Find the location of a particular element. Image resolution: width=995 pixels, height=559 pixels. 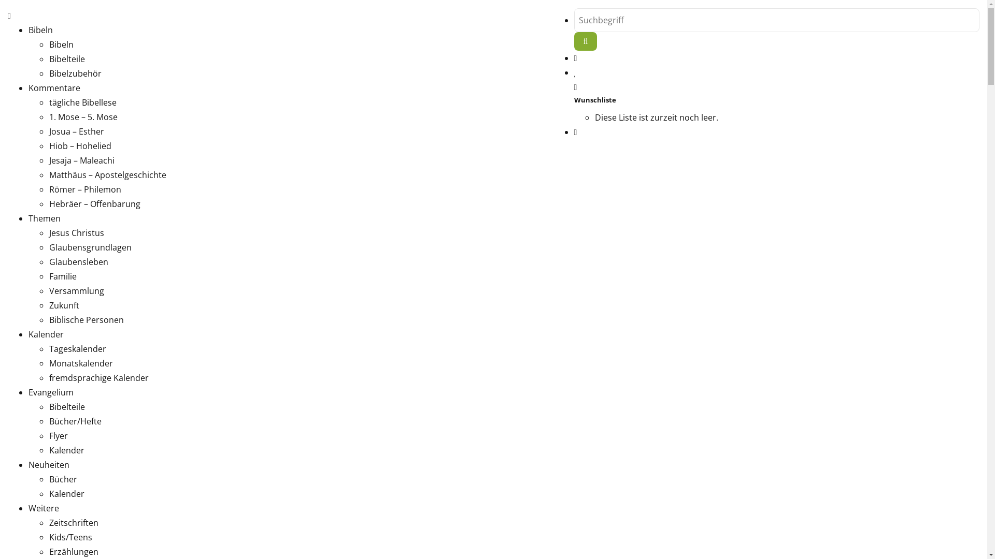

'Flyer' is located at coordinates (49, 435).